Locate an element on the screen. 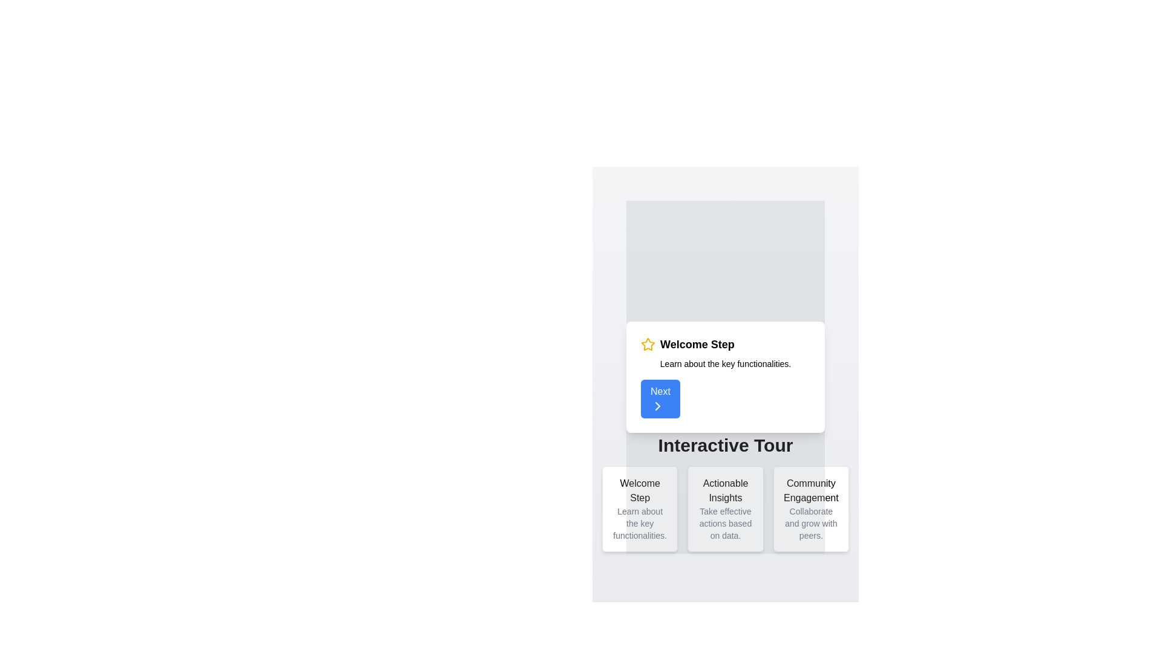 This screenshot has height=653, width=1162. the star-shaped icon outlined in yellow, which has a hollow center and is located in the middle section of the UI, adjacent to text and other minor UI components is located at coordinates (647, 344).